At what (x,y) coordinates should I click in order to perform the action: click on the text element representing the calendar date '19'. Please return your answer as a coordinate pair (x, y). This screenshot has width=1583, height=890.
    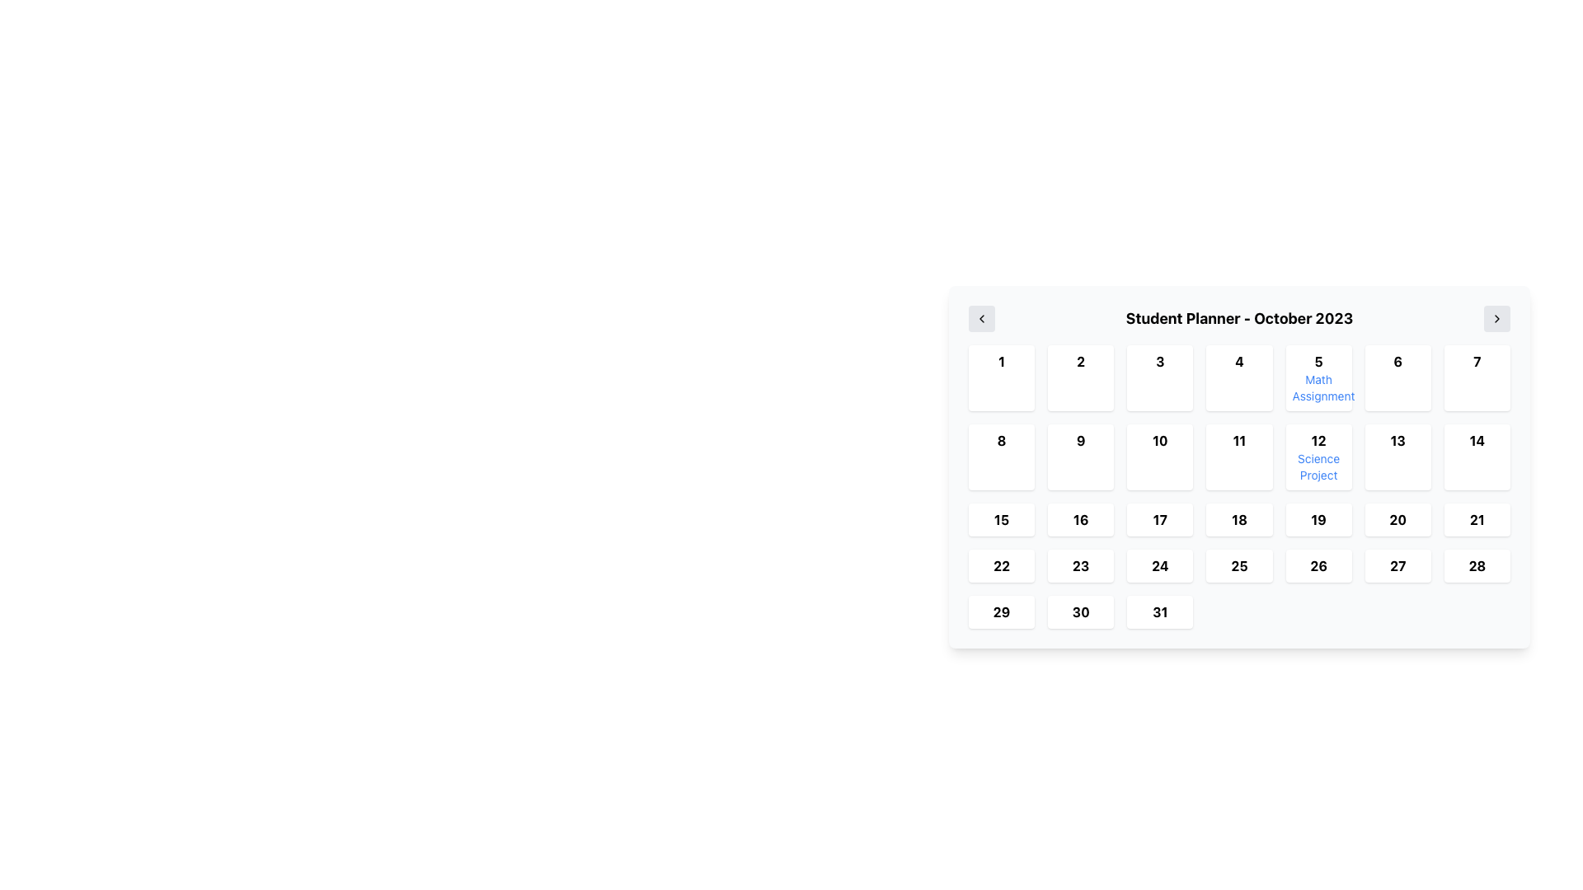
    Looking at the image, I should click on (1318, 520).